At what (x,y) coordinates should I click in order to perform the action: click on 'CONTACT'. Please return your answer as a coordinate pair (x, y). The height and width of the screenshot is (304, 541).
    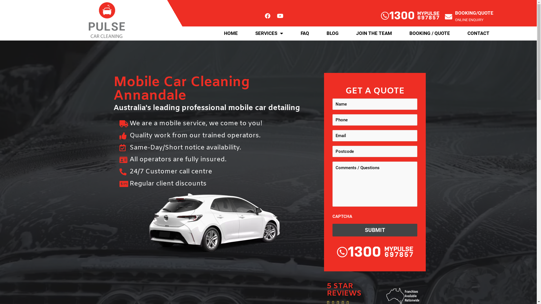
    Looking at the image, I should click on (458, 33).